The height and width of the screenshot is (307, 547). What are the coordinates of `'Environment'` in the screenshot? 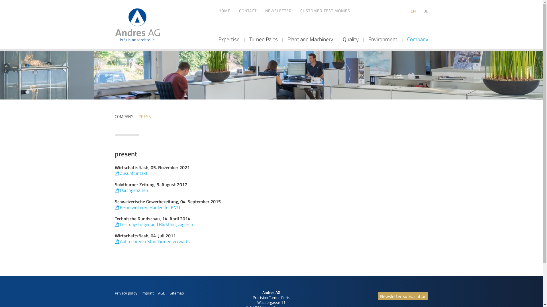 It's located at (383, 39).